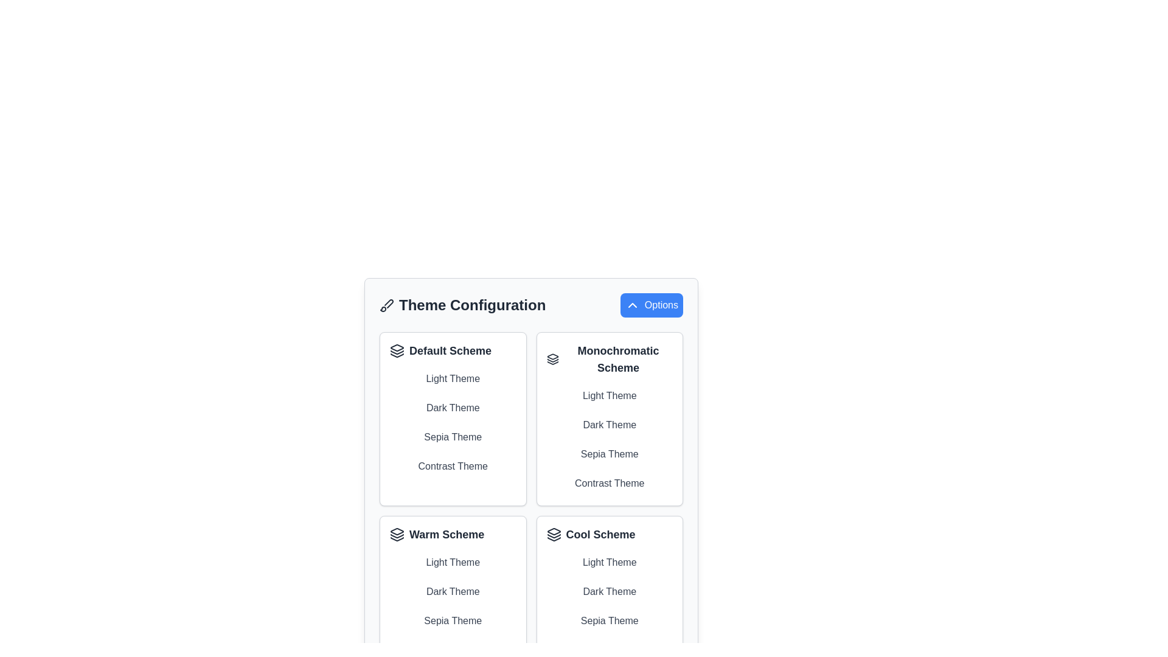  What do you see at coordinates (610, 424) in the screenshot?
I see `the 'Dark Theme' button-like label, which is a rectangular text label with medium gray font on a white background, positioned below the 'Light Theme' option in the 'Monochromatic Scheme' section` at bounding box center [610, 424].